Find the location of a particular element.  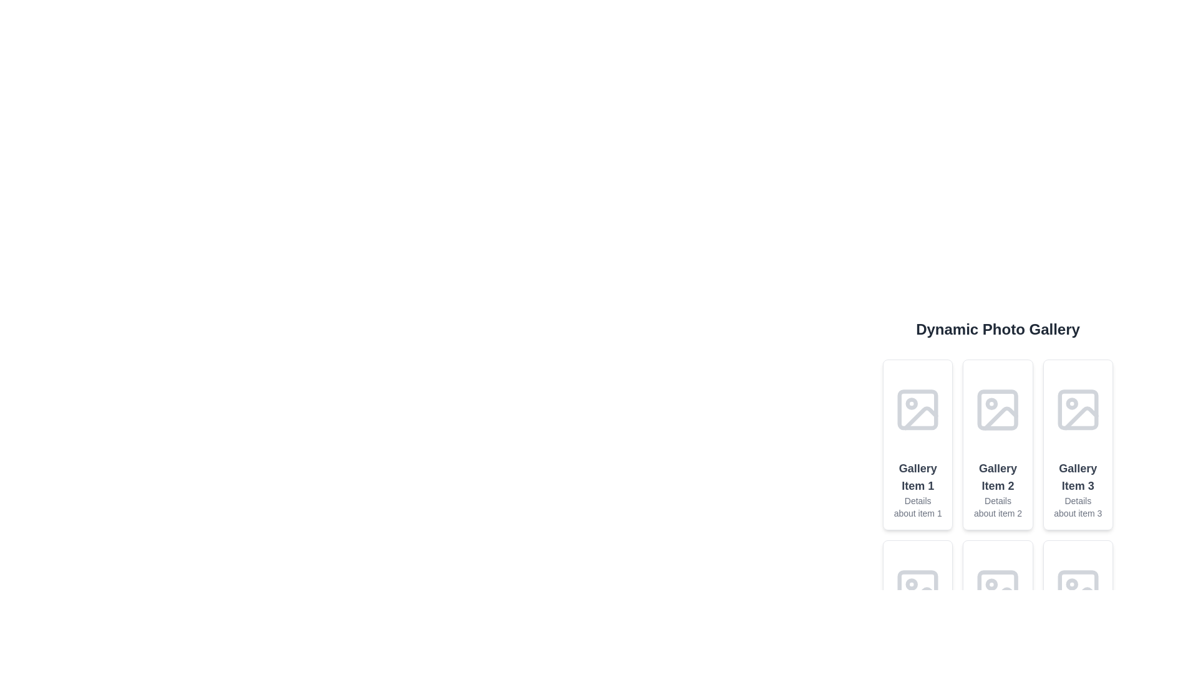

the grayscale image icon located in the second row and third column of the gallery interface, directly above the title 'Gallery Item 5' is located at coordinates (997, 590).